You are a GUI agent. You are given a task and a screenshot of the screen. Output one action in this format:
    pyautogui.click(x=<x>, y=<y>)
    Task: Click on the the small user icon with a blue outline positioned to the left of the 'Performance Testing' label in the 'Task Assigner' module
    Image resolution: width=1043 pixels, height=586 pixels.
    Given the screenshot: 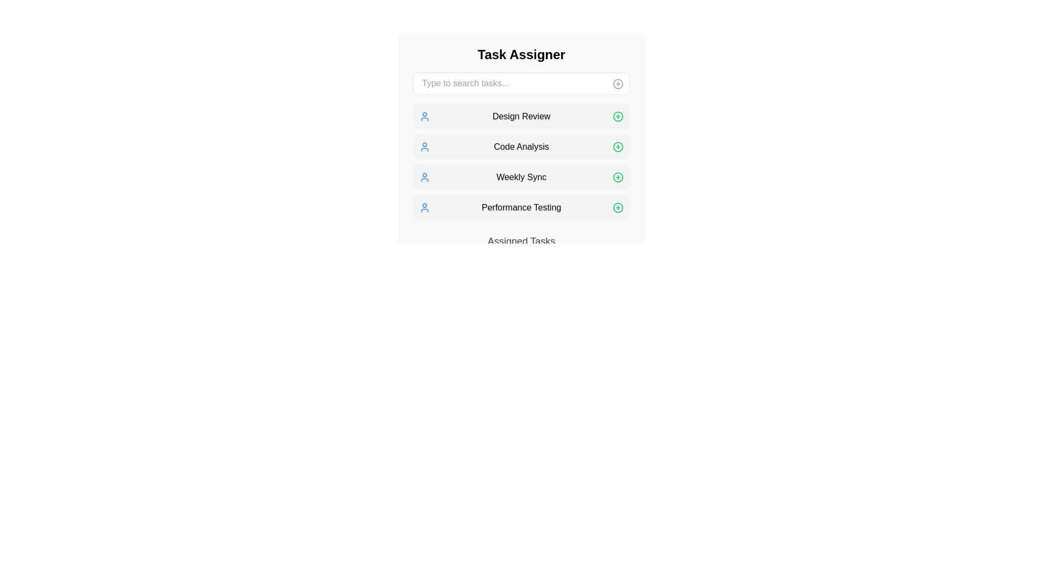 What is the action you would take?
    pyautogui.click(x=424, y=207)
    